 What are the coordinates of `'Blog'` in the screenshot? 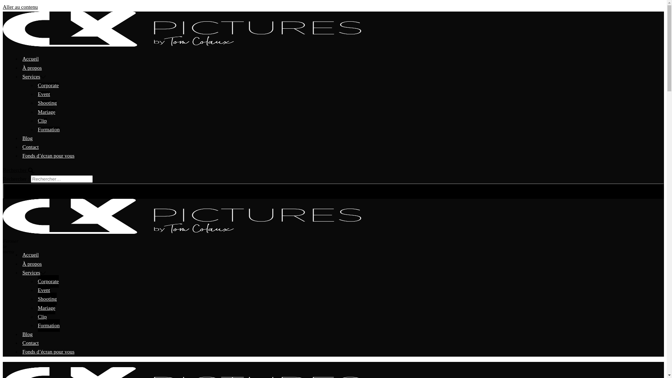 It's located at (27, 334).